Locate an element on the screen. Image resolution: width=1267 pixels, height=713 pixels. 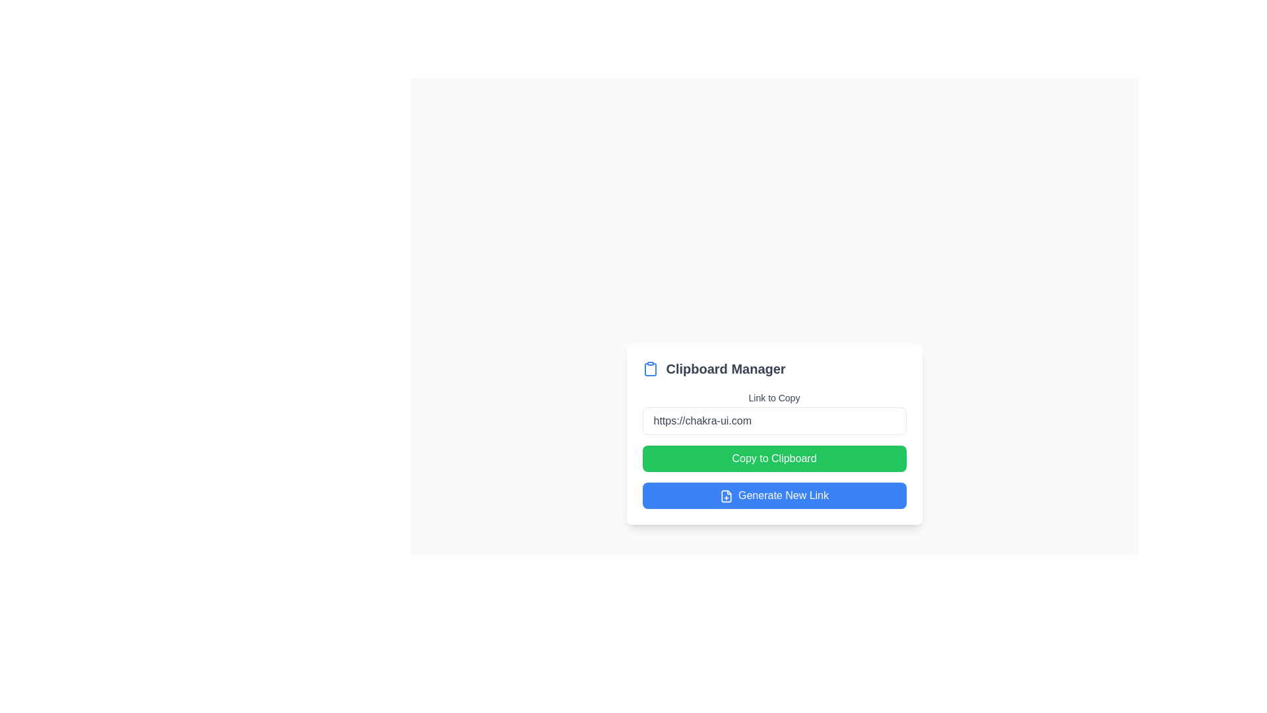
the main body of the clipboard icon, which is part of the clipboard icon set located to the left of the 'Clipboard Manager' label is located at coordinates (650, 369).